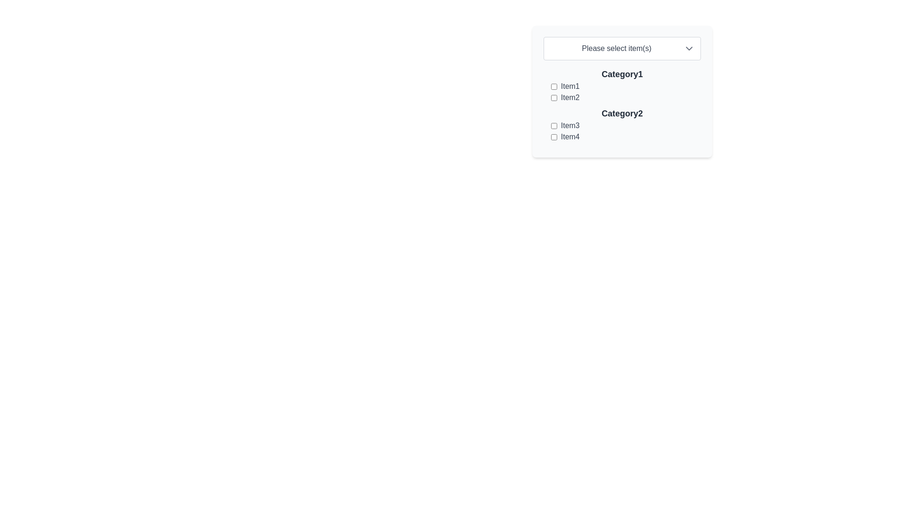 This screenshot has width=899, height=505. Describe the element at coordinates (622, 49) in the screenshot. I see `the Dropdown menu trigger located at the top of the light gray box` at that location.